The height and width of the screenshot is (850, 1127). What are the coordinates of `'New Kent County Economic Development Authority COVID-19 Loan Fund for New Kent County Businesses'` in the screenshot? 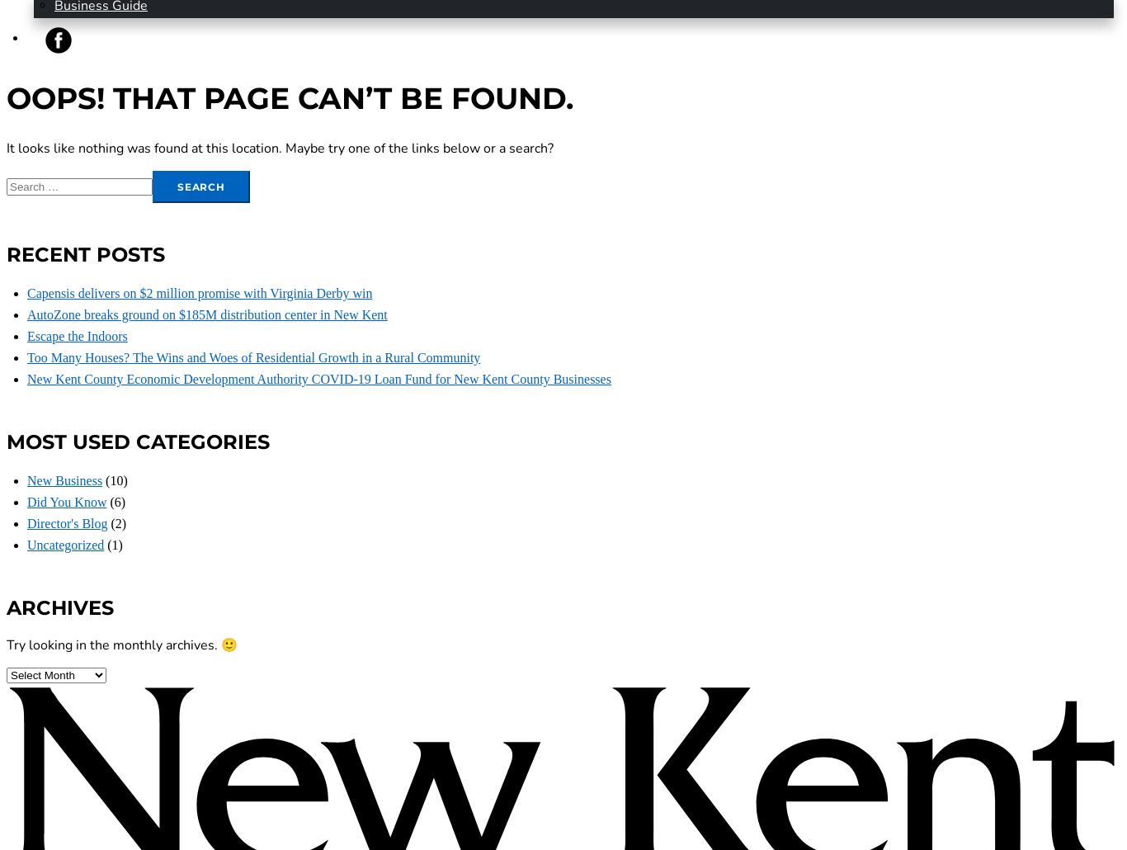 It's located at (318, 378).